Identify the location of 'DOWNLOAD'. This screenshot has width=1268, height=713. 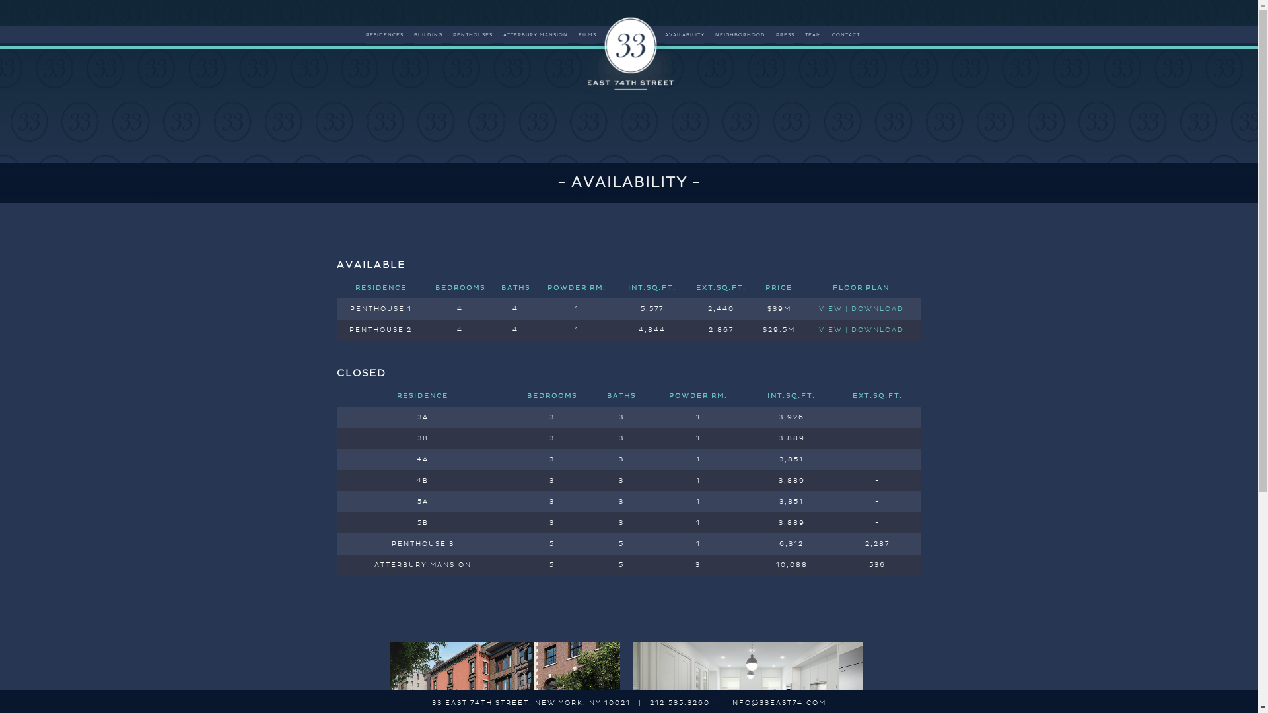
(878, 308).